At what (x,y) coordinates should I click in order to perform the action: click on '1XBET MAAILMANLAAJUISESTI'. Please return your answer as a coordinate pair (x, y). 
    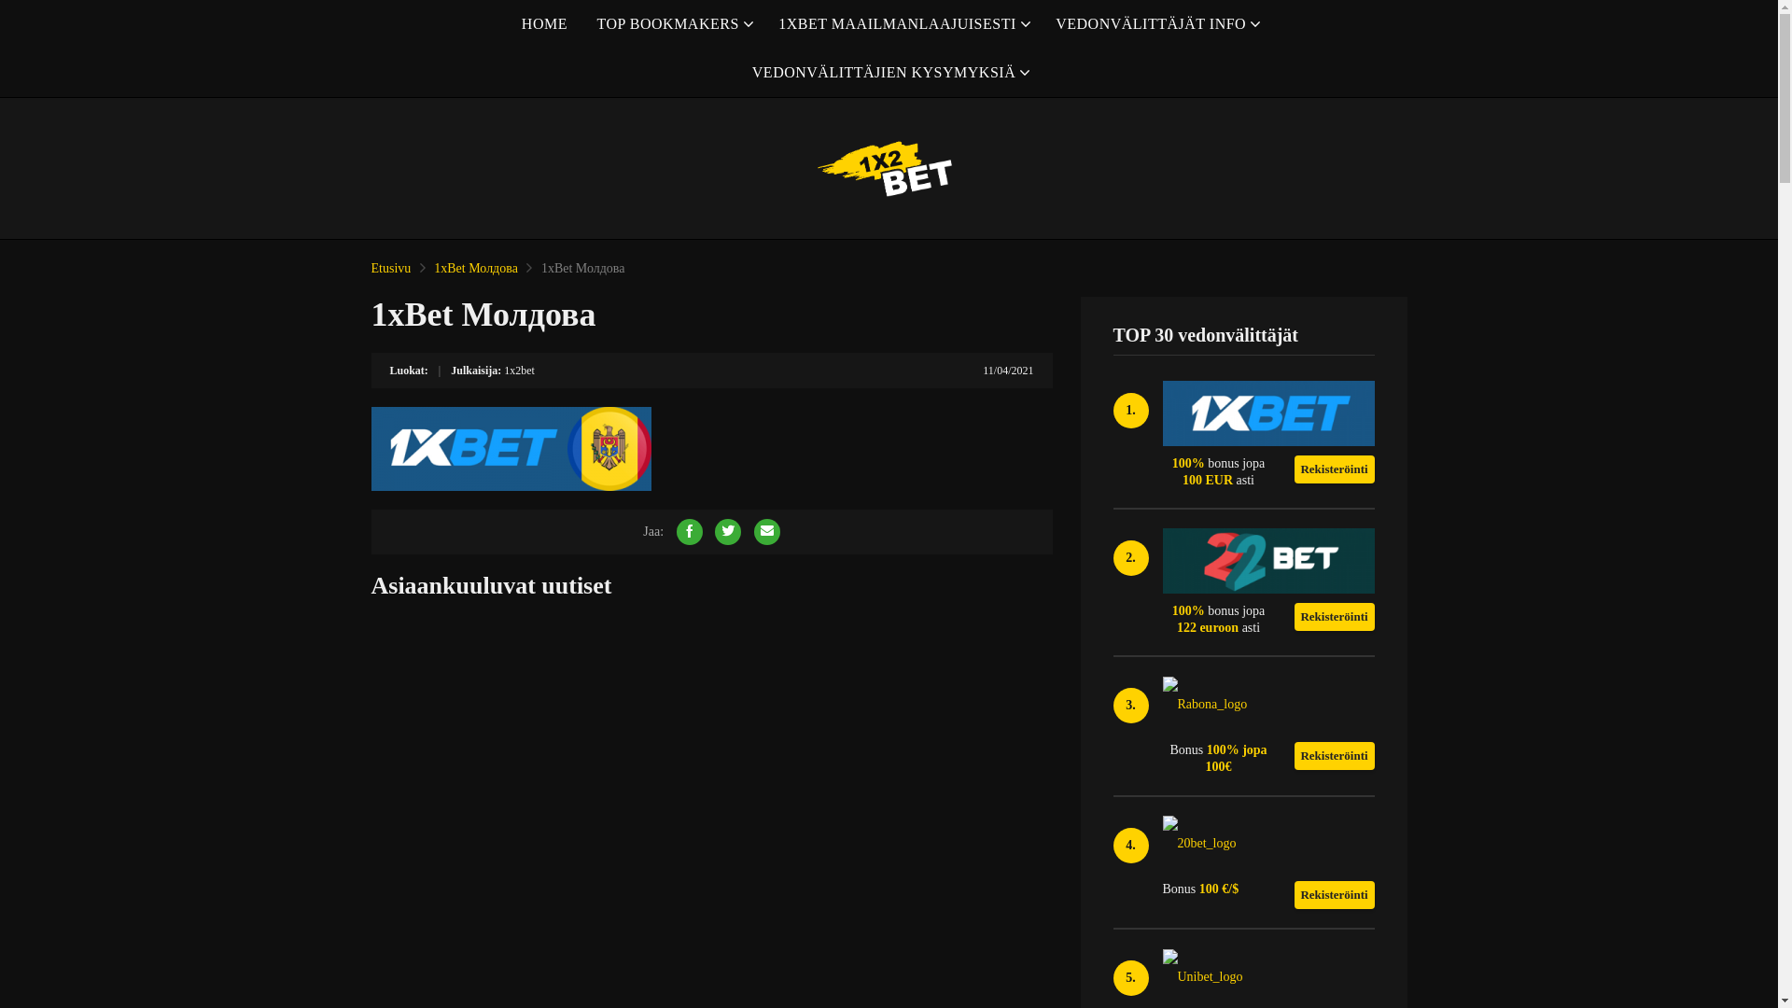
    Looking at the image, I should click on (902, 24).